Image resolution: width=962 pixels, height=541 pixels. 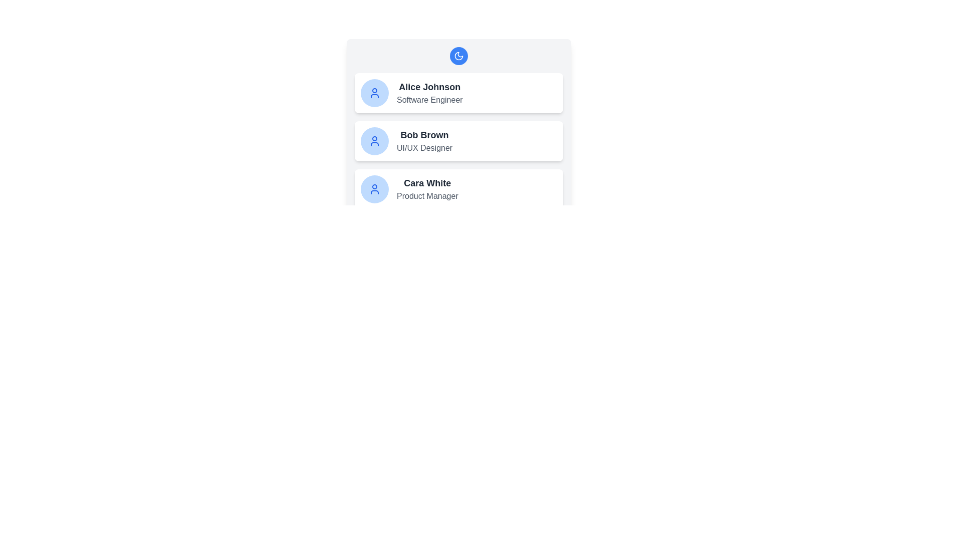 I want to click on the Text label that describes the job title or role of the user 'Bob Brown', located on the second card in a vertical stack of user profiles, so click(x=424, y=148).